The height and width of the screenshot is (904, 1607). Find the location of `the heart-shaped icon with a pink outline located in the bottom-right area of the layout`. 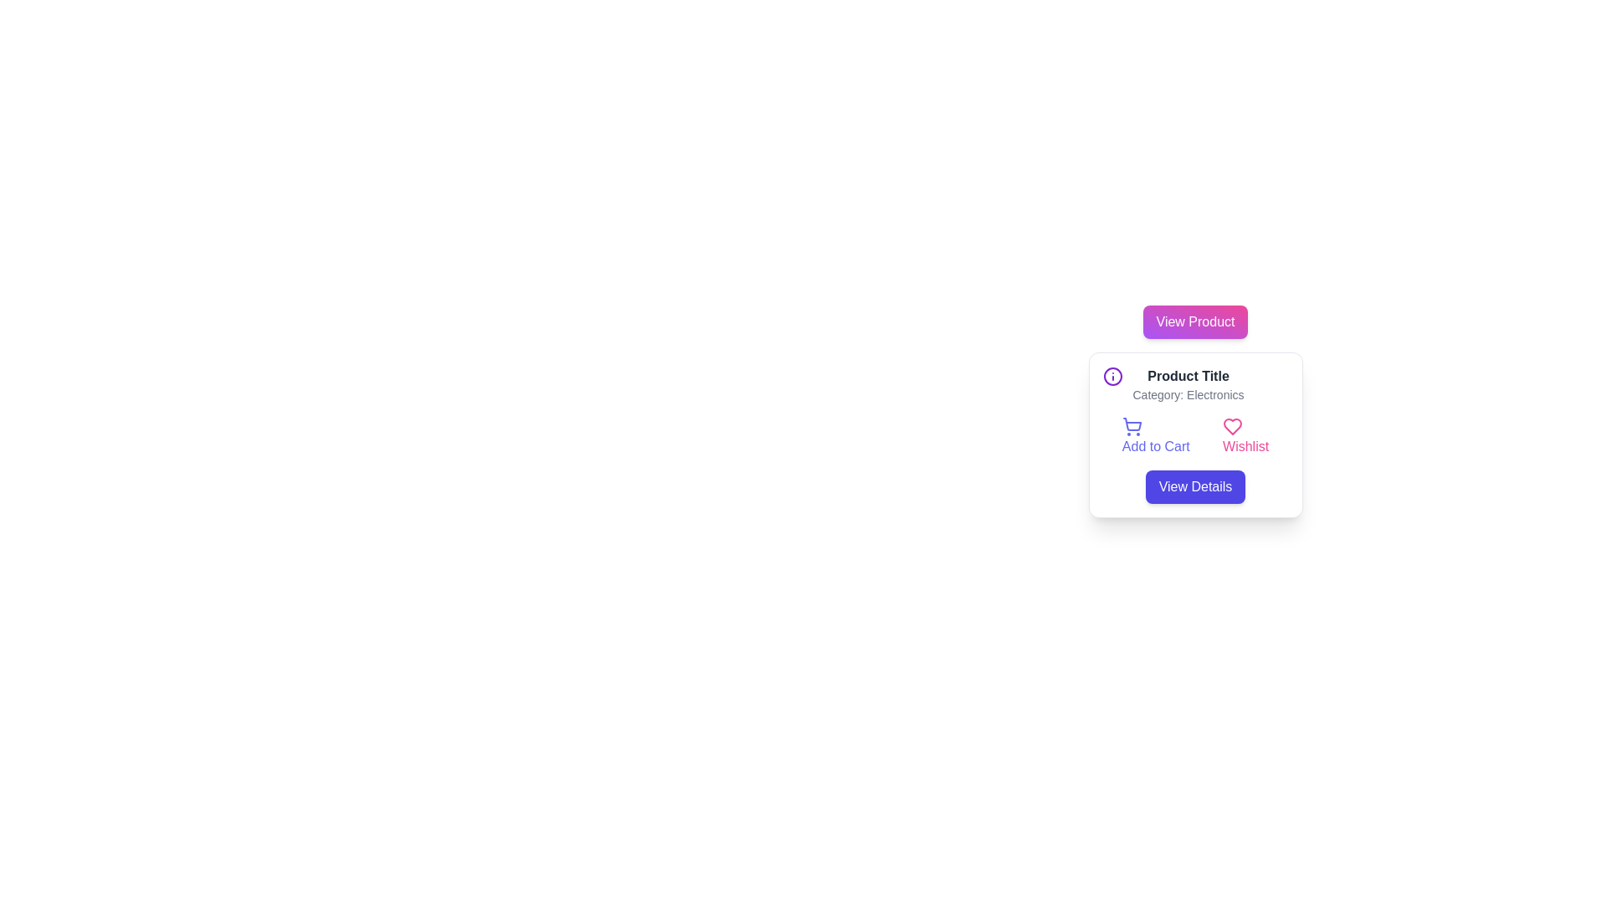

the heart-shaped icon with a pink outline located in the bottom-right area of the layout is located at coordinates (1233, 425).